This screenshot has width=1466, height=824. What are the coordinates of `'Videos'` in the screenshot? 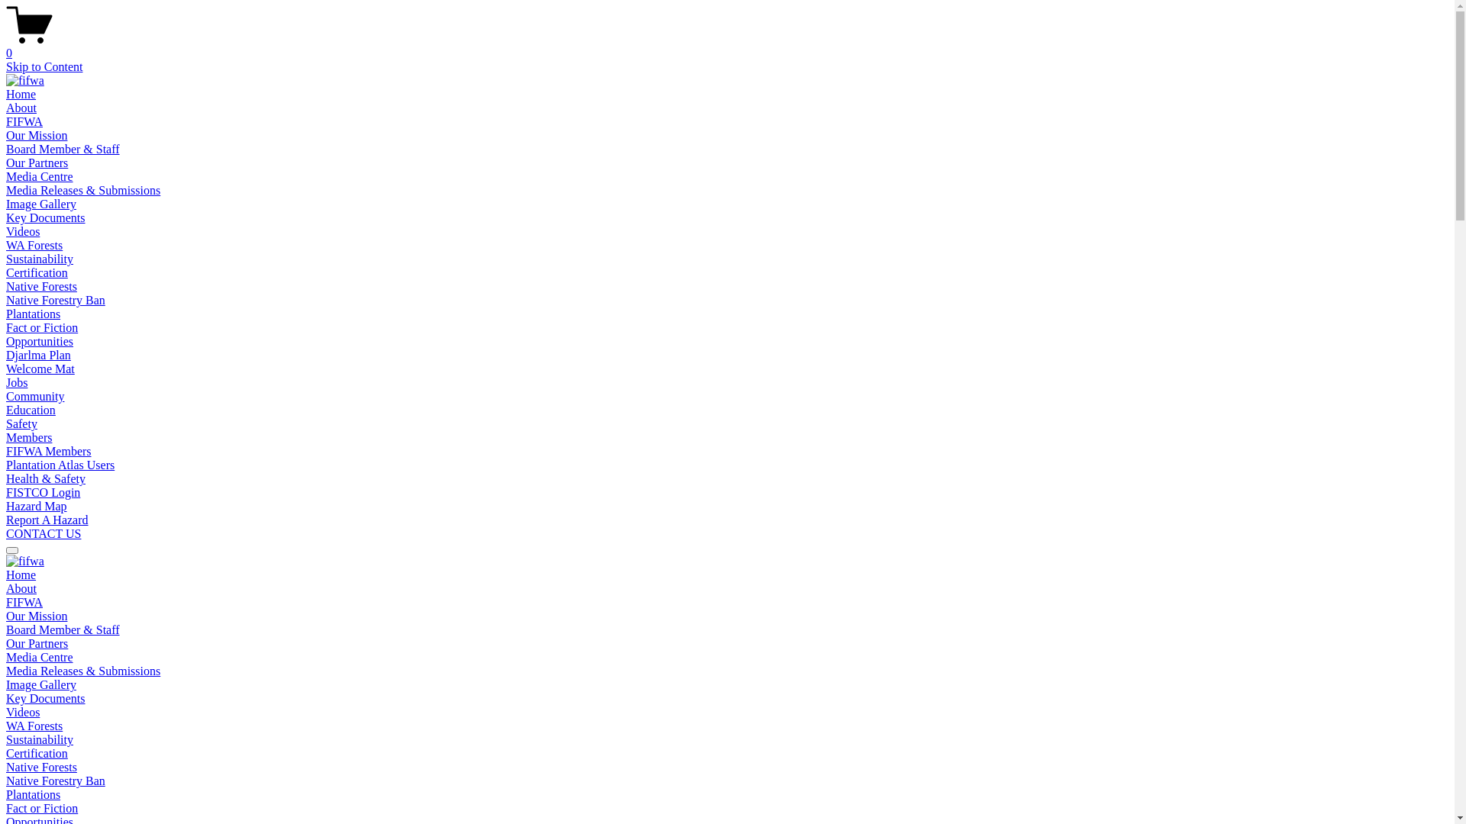 It's located at (6, 712).